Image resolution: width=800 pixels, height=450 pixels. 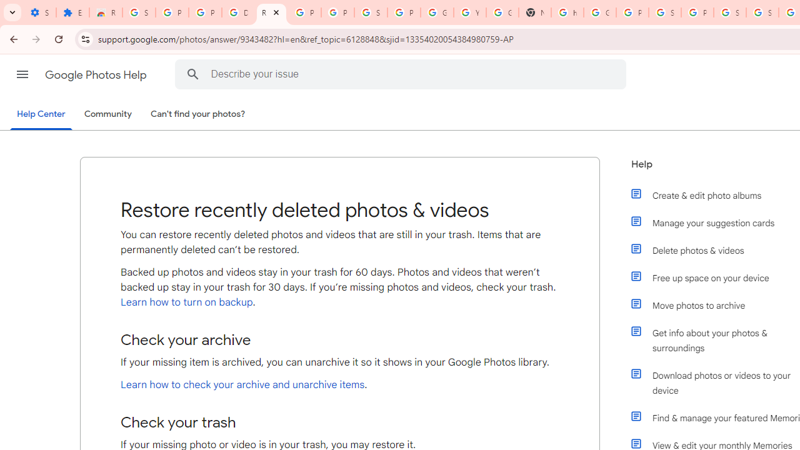 What do you see at coordinates (41, 114) in the screenshot?
I see `'Help Center'` at bounding box center [41, 114].